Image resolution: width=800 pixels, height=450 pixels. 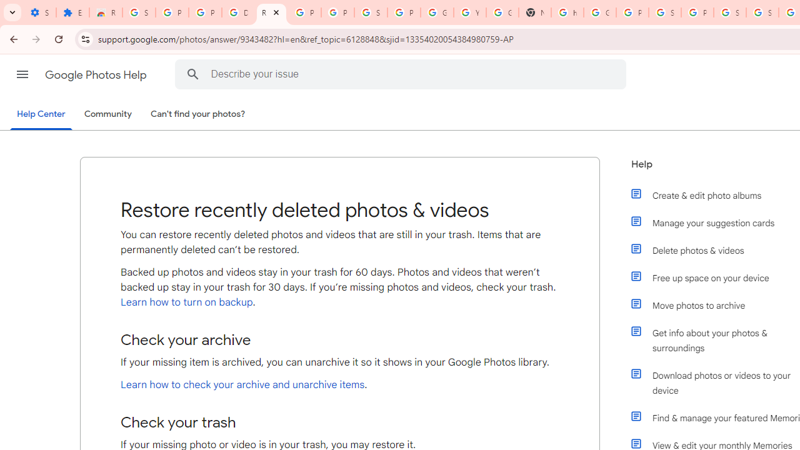 What do you see at coordinates (41, 114) in the screenshot?
I see `'Help Center'` at bounding box center [41, 114].